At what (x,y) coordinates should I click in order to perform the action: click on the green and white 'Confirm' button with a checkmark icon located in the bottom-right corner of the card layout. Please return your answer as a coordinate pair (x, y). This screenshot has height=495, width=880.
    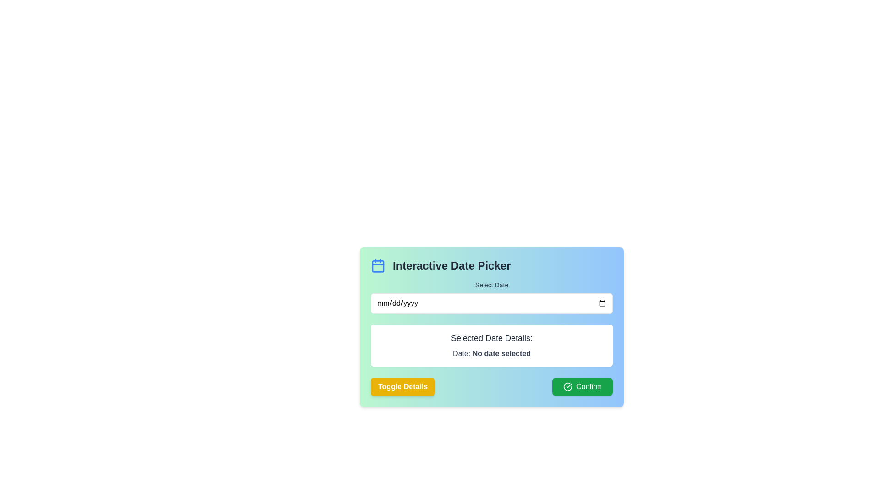
    Looking at the image, I should click on (582, 387).